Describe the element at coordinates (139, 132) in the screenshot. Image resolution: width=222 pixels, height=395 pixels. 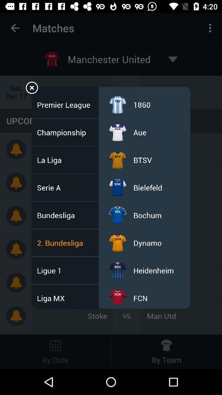
I see `icon below the 1860` at that location.